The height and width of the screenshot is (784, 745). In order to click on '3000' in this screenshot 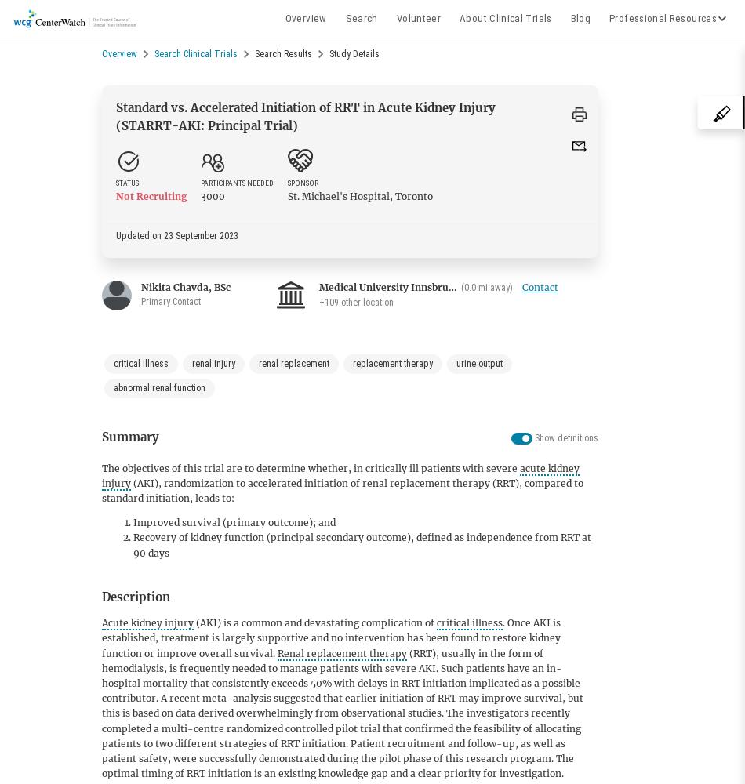, I will do `click(212, 196)`.